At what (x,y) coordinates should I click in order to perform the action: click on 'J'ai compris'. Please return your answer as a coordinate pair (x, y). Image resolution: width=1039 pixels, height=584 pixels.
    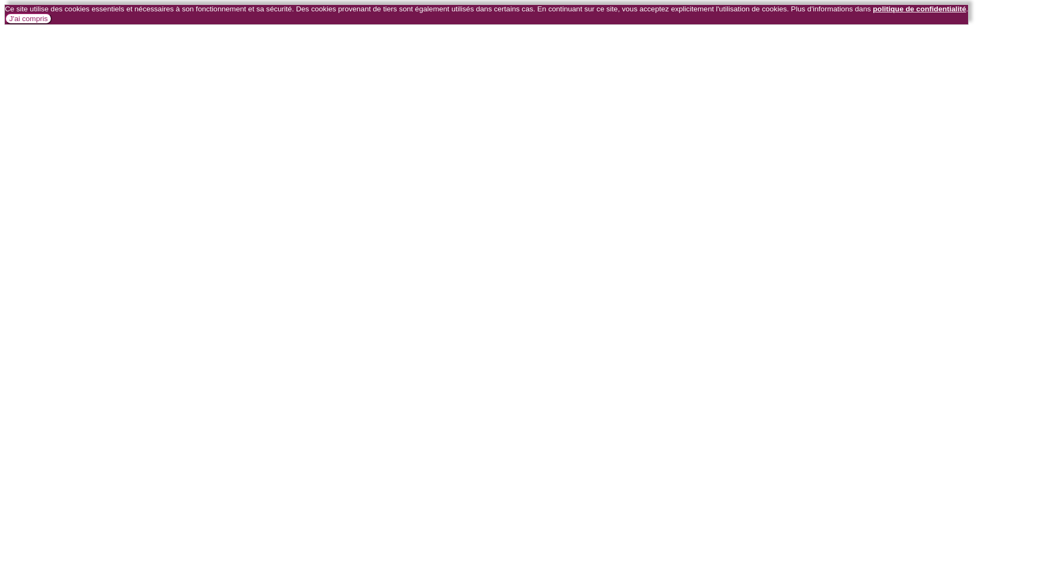
    Looking at the image, I should click on (28, 18).